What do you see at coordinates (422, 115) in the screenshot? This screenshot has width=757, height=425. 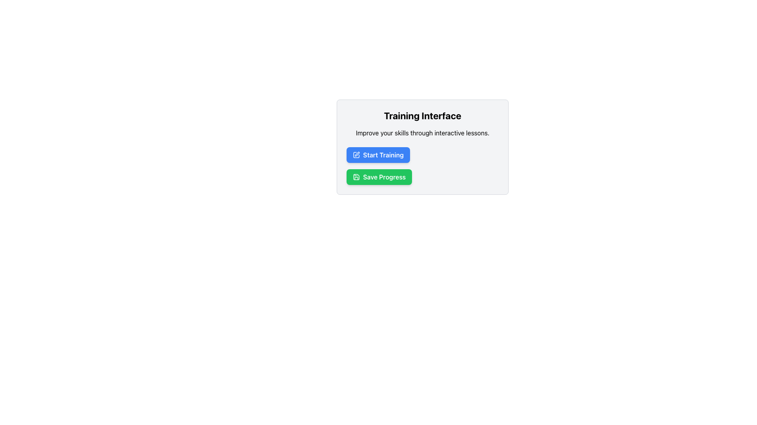 I see `the primary heading text label that serves as the title for the section, located above the text 'Improve your skills through interactive lessons.'` at bounding box center [422, 115].